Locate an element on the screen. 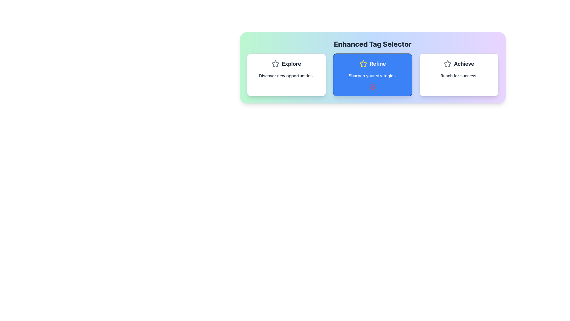 This screenshot has width=570, height=321. the text label displaying 'Refine' within the blue button area, located under the title 'Enhanced Tag Selector' is located at coordinates (377, 64).